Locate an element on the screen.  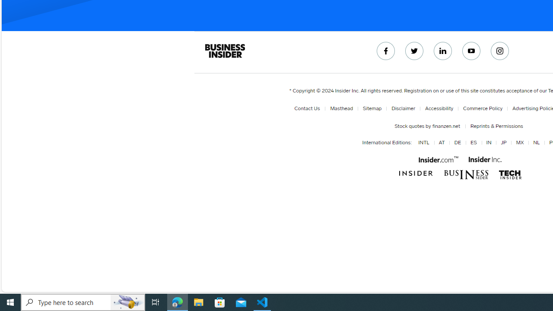
'Click to visit us on Twitter' is located at coordinates (414, 51).